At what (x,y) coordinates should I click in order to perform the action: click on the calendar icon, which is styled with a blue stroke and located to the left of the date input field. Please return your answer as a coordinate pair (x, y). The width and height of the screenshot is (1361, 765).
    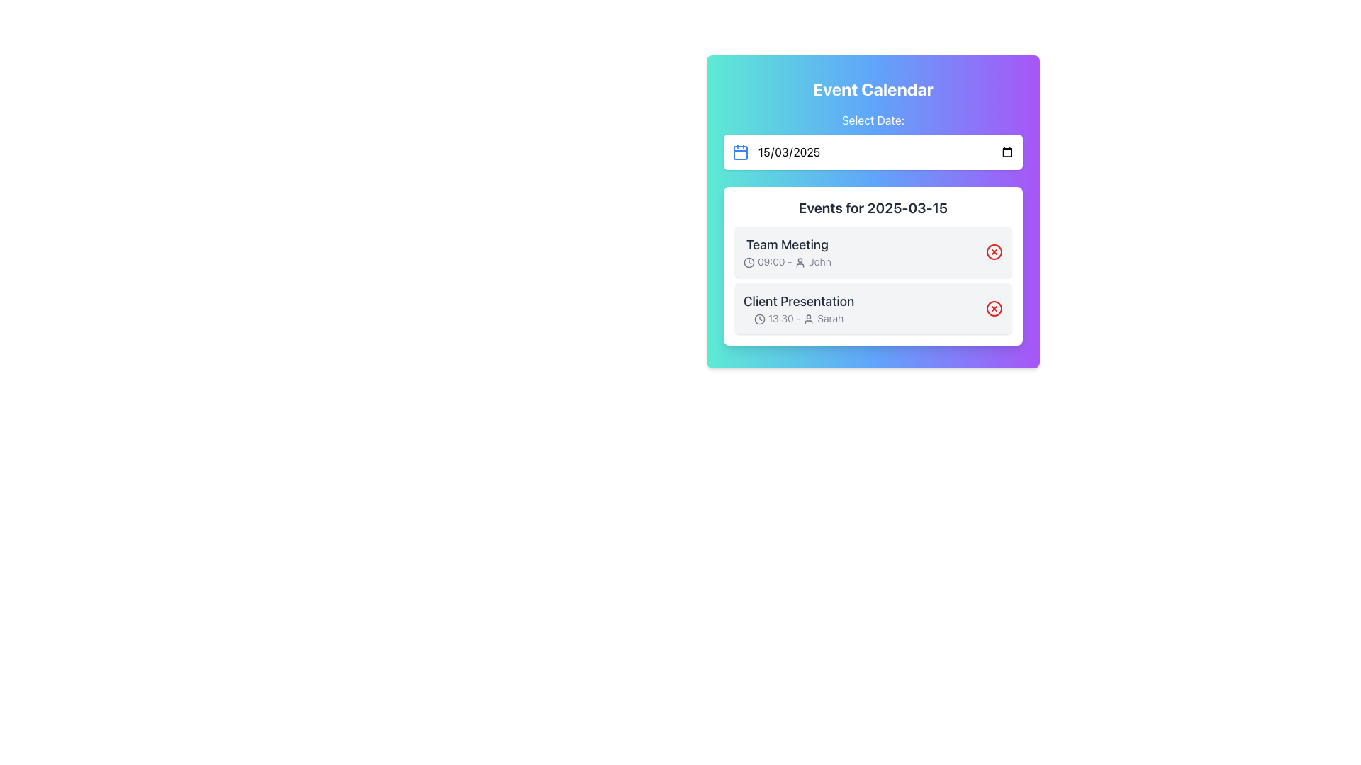
    Looking at the image, I should click on (740, 152).